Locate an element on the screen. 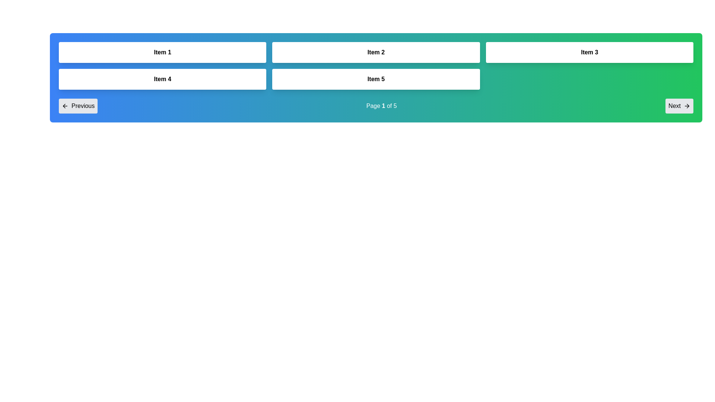 The image size is (715, 402). the text label that identifies the content as 'Item 3', located in the top row on the far right of a grid arrangement is located at coordinates (589, 52).